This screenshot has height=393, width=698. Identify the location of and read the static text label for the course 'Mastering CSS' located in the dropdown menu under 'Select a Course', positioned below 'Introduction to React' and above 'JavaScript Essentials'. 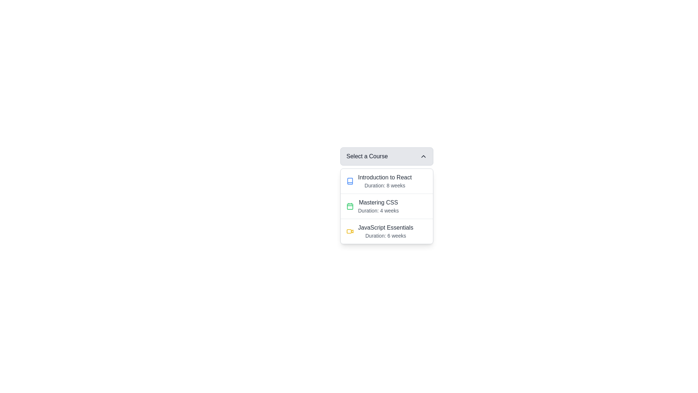
(378, 202).